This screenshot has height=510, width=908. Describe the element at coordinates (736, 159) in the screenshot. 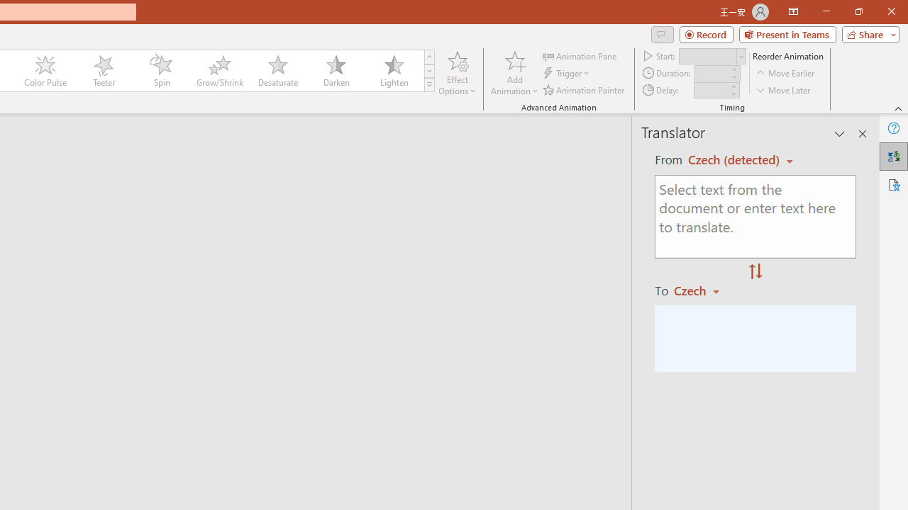

I see `'Czech (detected)'` at that location.